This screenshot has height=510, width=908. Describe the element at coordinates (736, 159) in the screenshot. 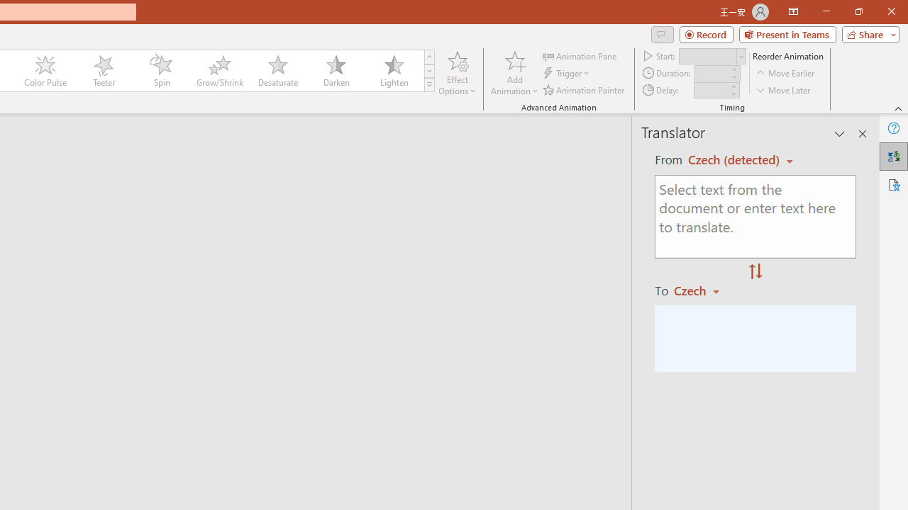

I see `'Czech (detected)'` at that location.